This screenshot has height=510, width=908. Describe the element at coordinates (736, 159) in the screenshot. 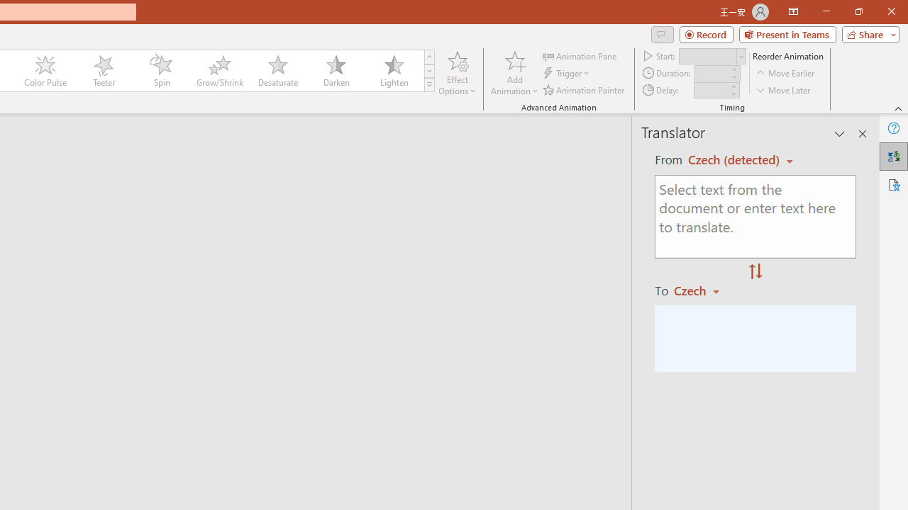

I see `'Czech (detected)'` at that location.